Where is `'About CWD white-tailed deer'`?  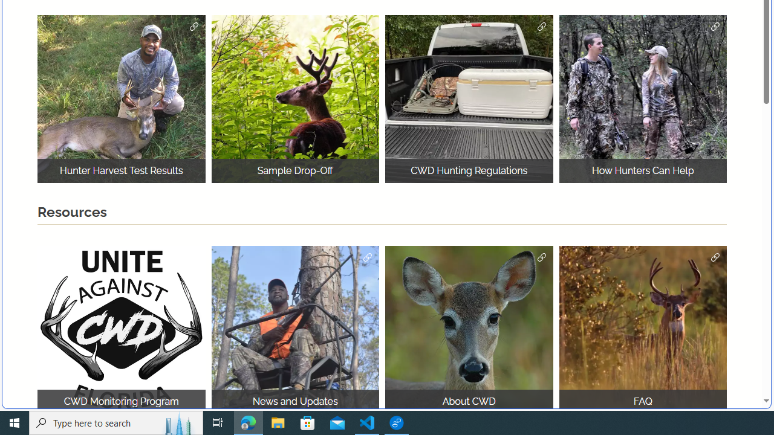 'About CWD white-tailed deer' is located at coordinates (469, 329).